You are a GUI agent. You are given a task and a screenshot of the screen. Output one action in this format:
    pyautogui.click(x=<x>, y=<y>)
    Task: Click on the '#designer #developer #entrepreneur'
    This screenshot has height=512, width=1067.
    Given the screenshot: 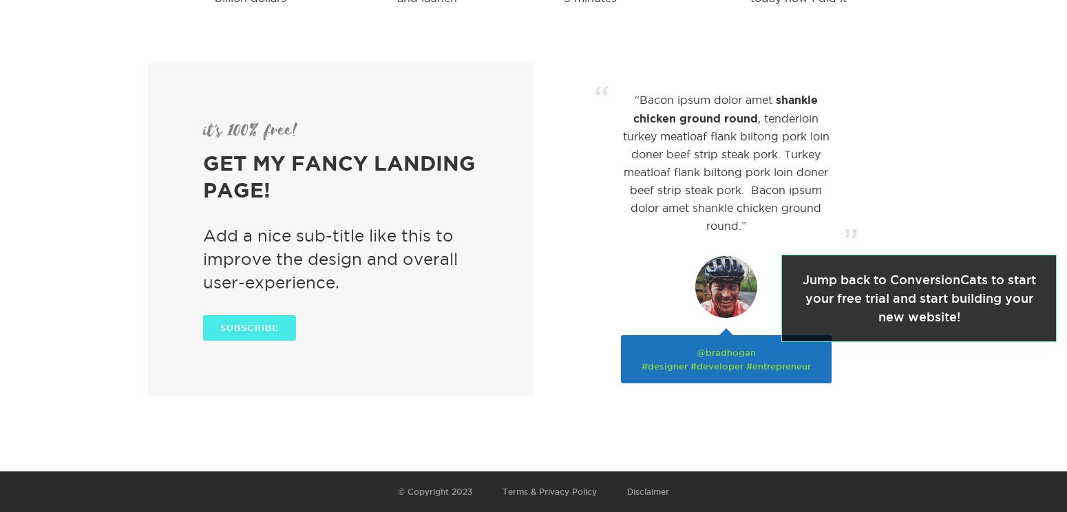 What is the action you would take?
    pyautogui.click(x=641, y=365)
    